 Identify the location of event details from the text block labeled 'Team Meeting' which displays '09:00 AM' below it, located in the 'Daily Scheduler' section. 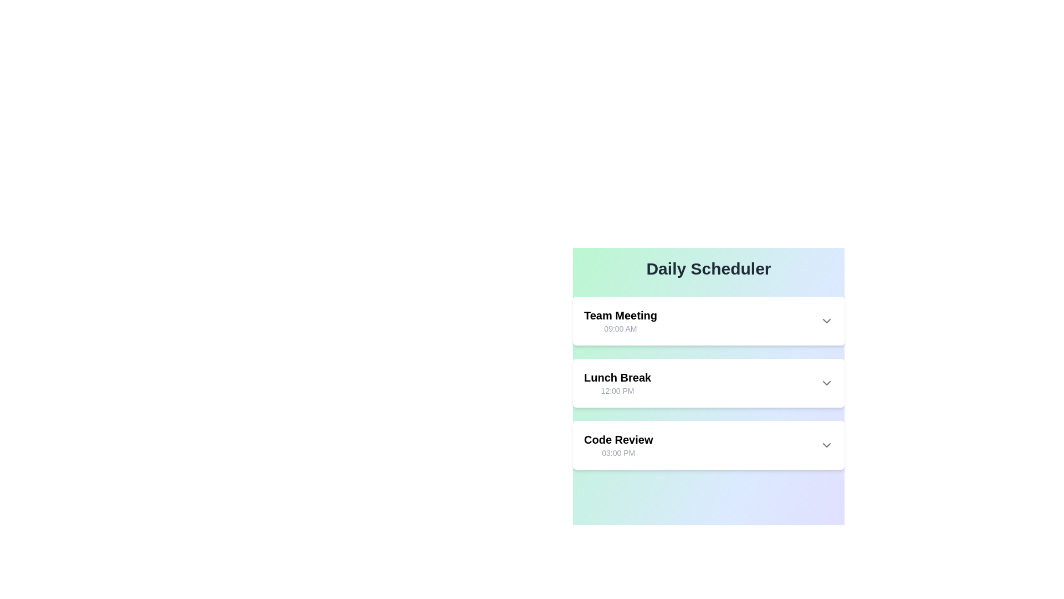
(620, 321).